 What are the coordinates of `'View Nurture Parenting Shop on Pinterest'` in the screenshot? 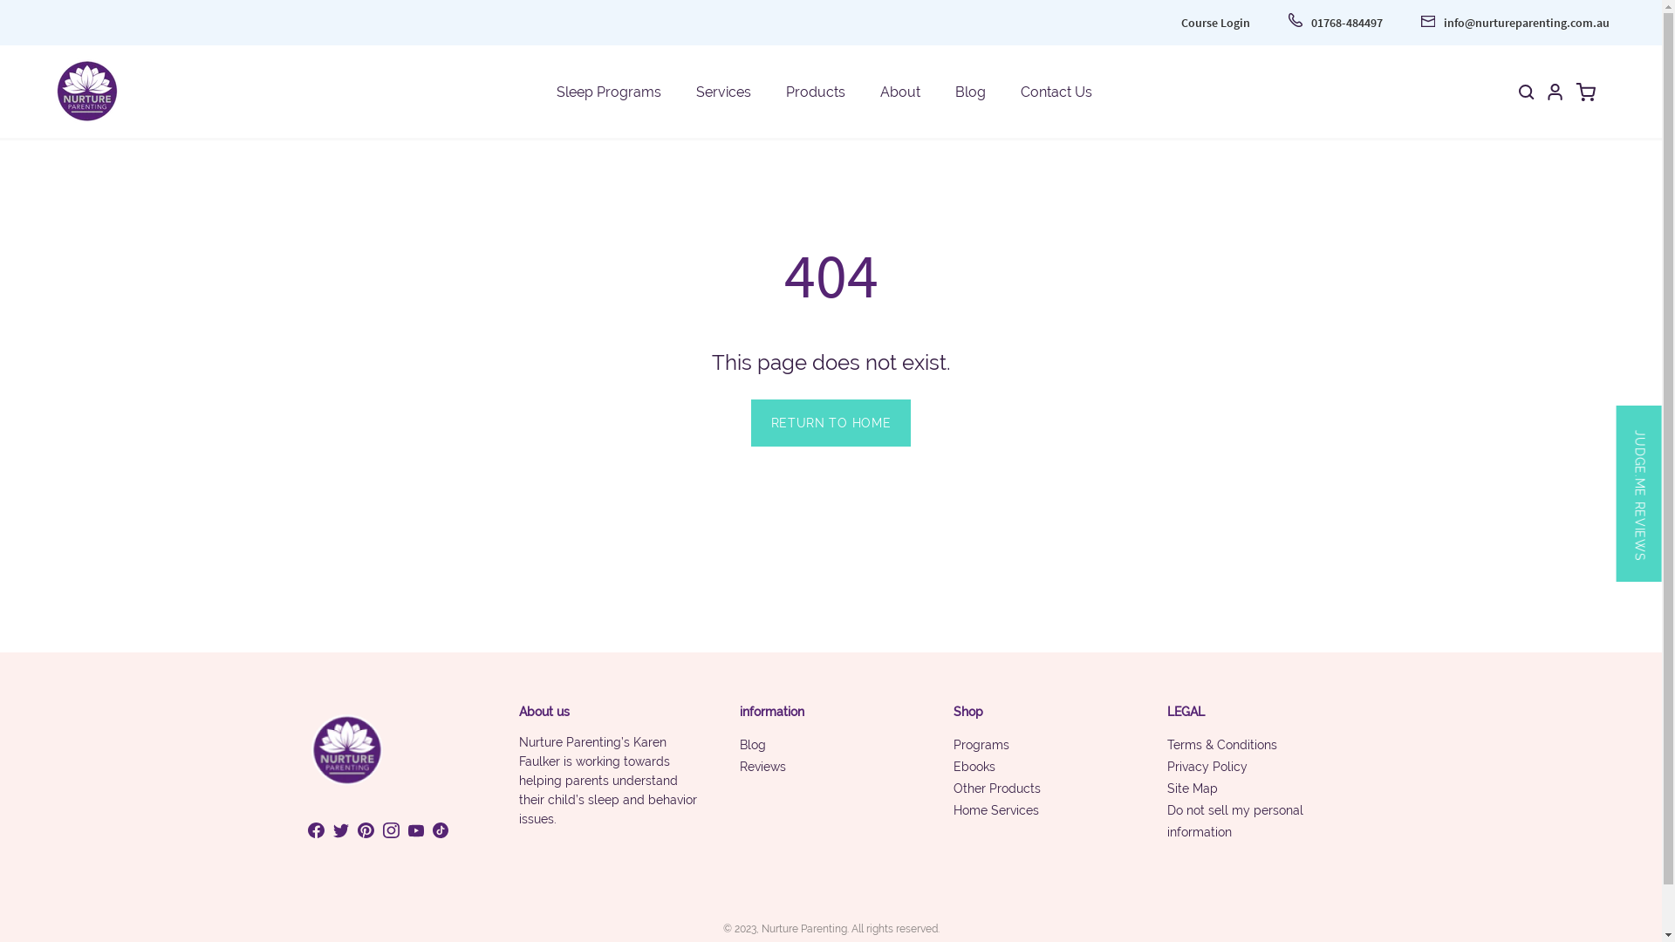 It's located at (365, 829).